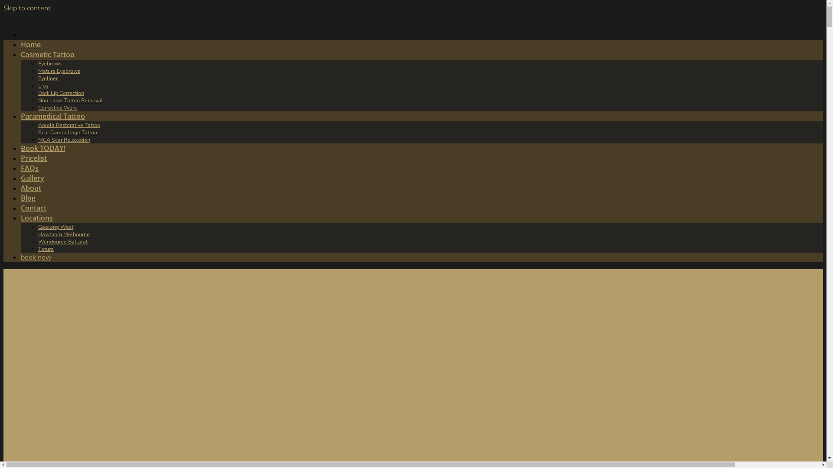 The width and height of the screenshot is (833, 468). Describe the element at coordinates (21, 45) in the screenshot. I see `'Home'` at that location.